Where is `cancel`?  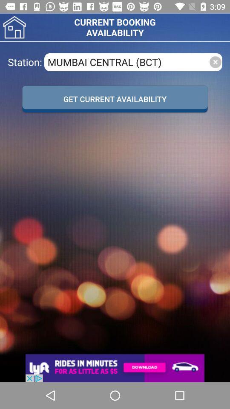
cancel is located at coordinates (215, 61).